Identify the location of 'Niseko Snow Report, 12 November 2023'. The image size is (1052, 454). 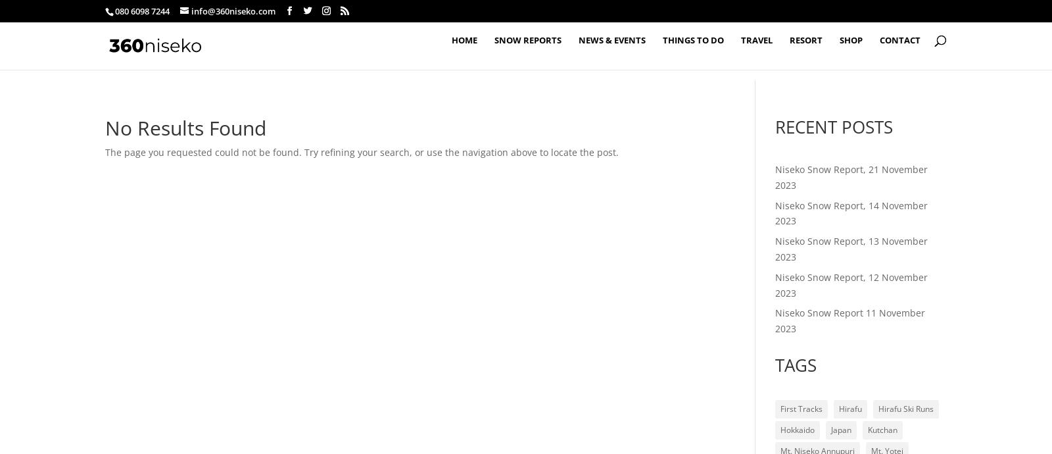
(849, 284).